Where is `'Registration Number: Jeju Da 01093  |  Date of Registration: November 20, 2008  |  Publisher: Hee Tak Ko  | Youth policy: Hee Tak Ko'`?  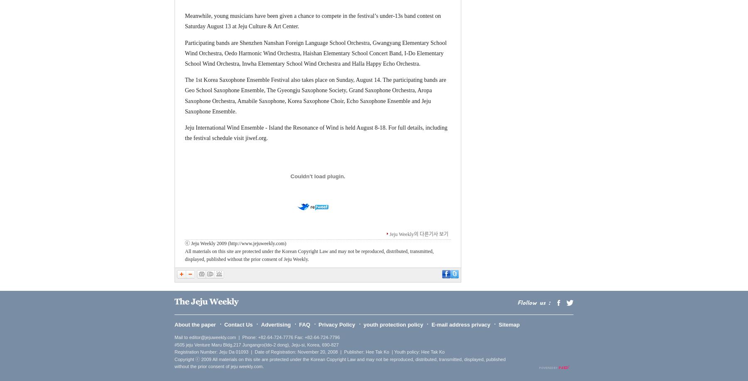 'Registration Number: Jeju Da 01093  |  Date of Registration: November 20, 2008  |  Publisher: Hee Tak Ko  | Youth policy: Hee Tak Ko' is located at coordinates (309, 352).